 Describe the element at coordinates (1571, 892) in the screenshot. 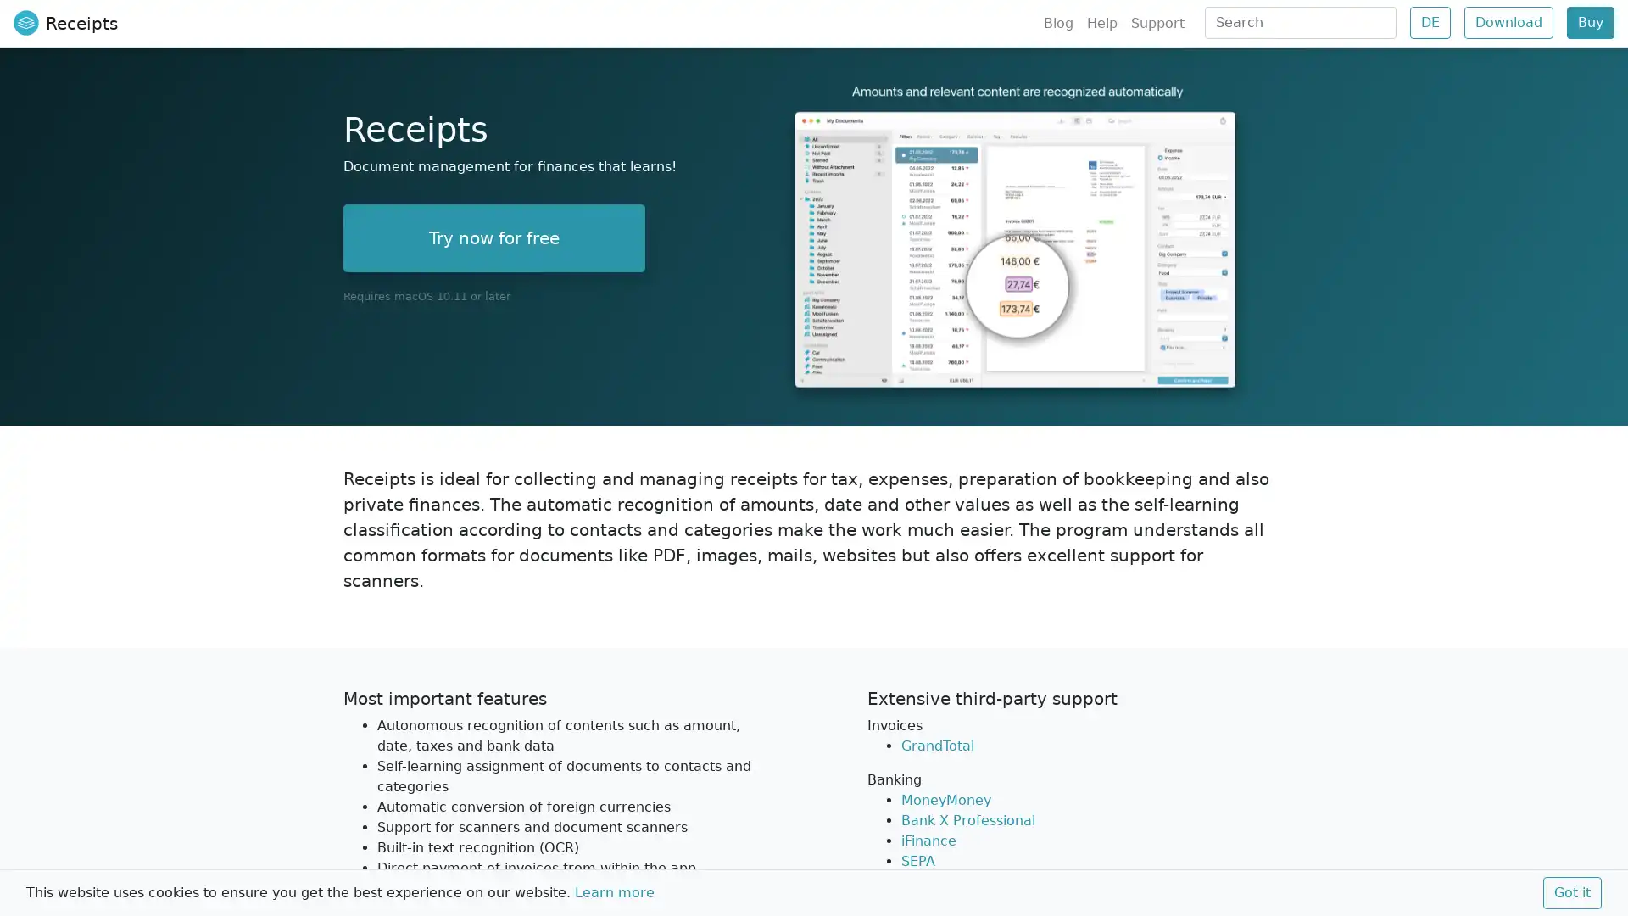

I see `Got it` at that location.